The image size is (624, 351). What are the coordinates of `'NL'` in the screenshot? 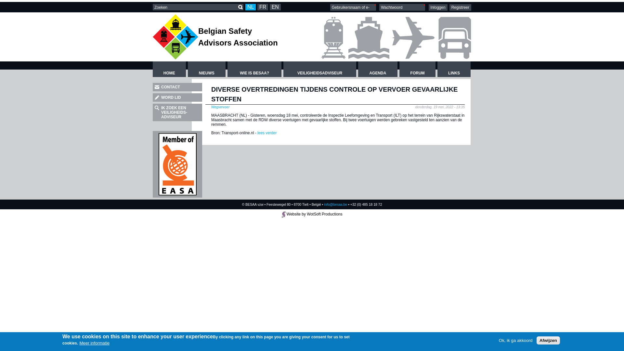 It's located at (250, 7).